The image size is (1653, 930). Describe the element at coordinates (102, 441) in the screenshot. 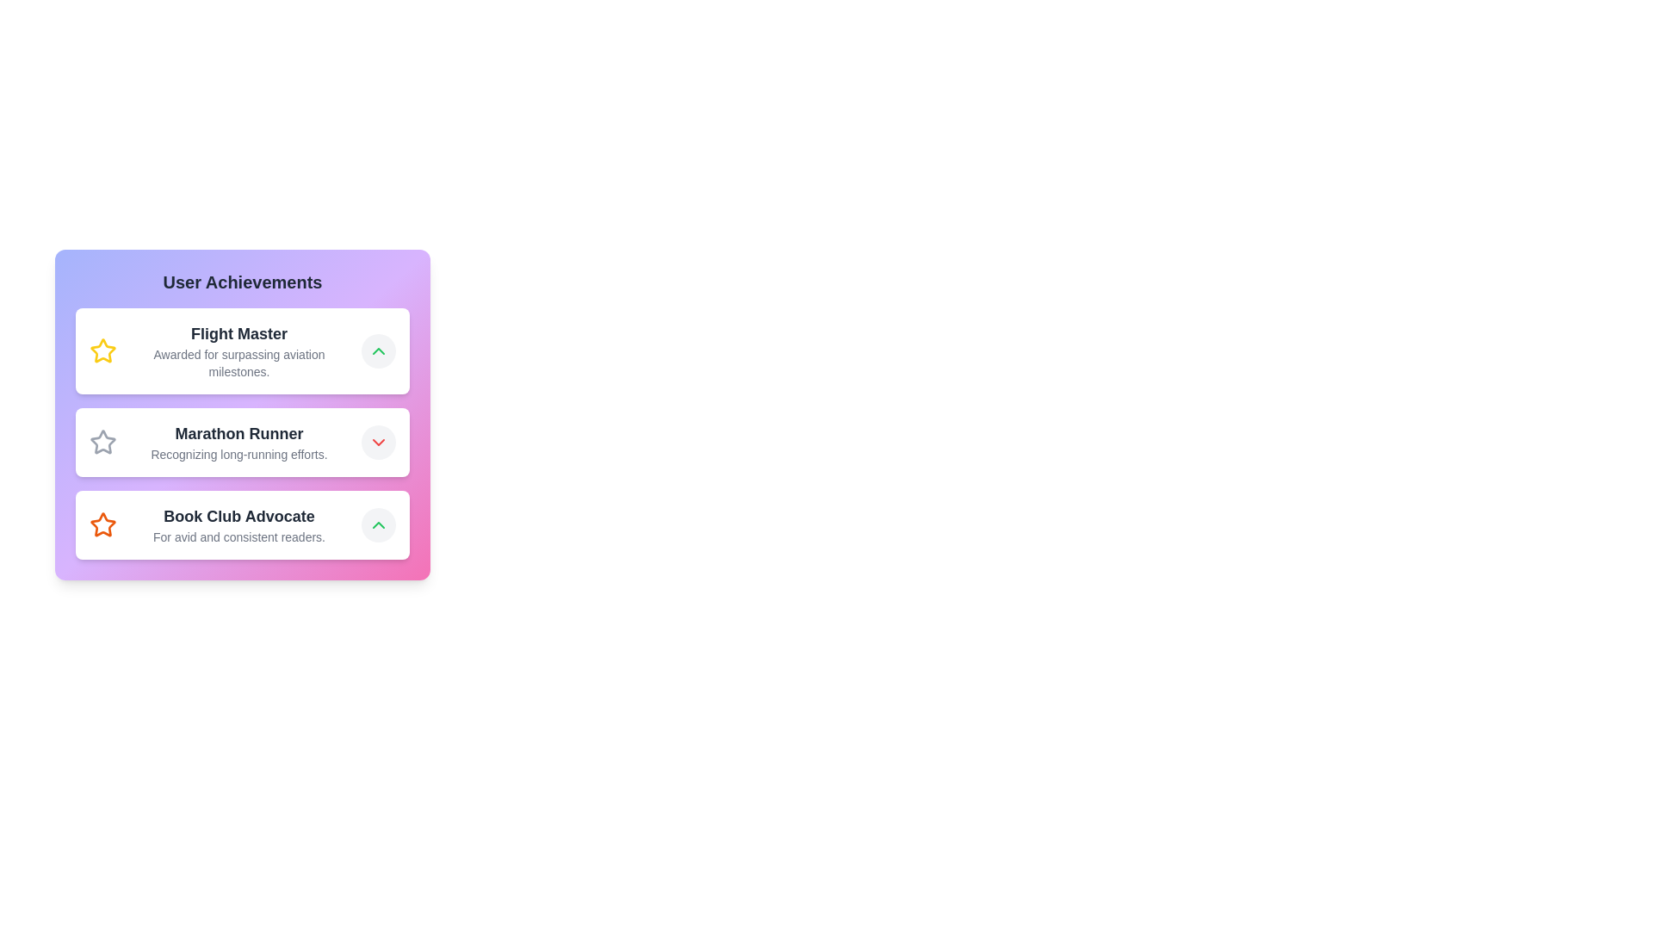

I see `the decorative icon for the 'Book Club Advocate' achievement item, which is located on the left side of the corresponding list item` at that location.